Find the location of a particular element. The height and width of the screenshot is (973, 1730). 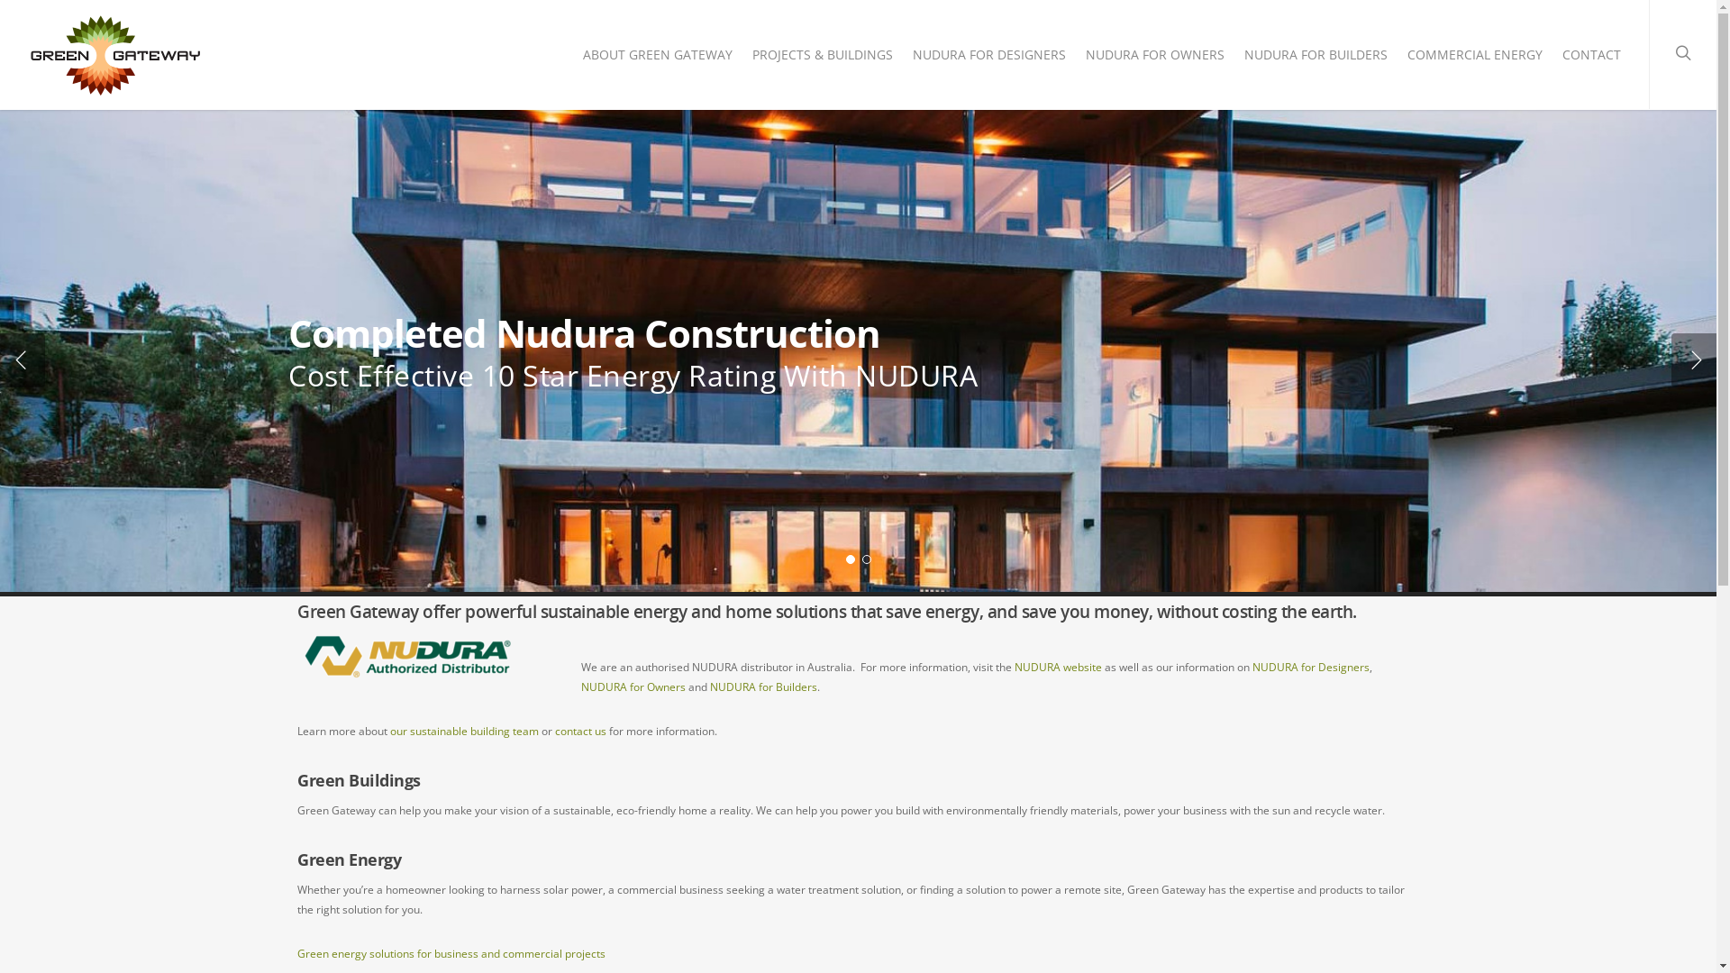

'NUDURA for Owners' is located at coordinates (633, 687).